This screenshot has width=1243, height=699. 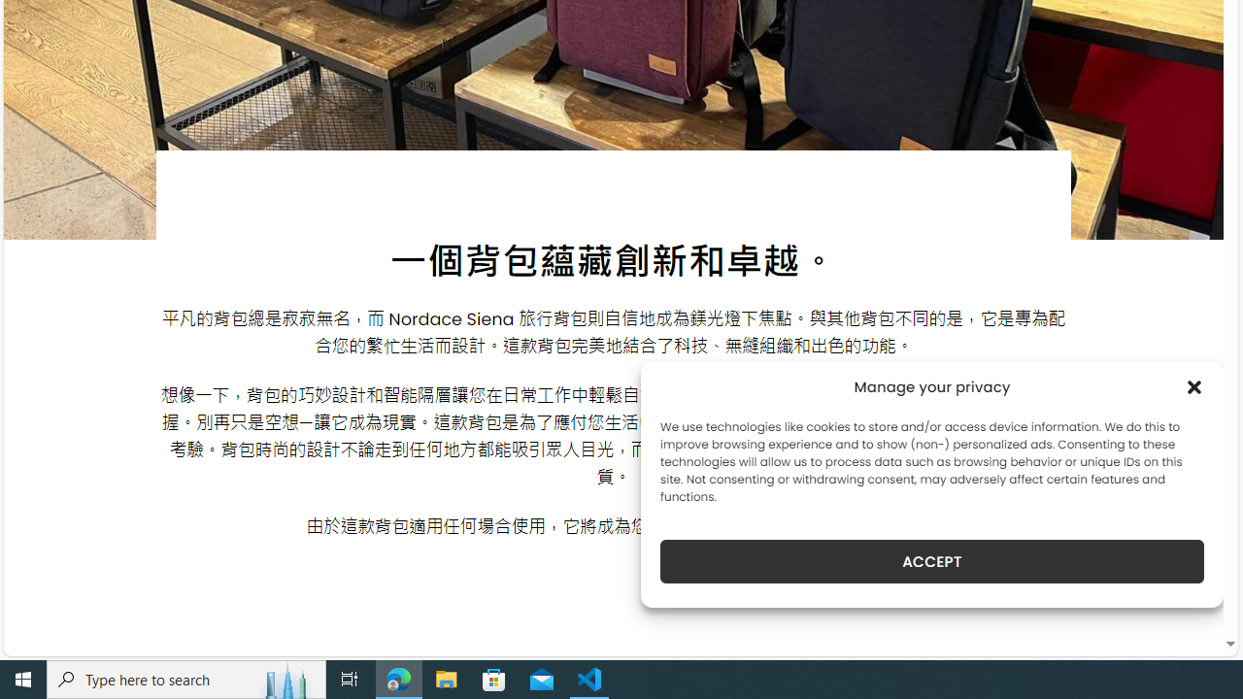 What do you see at coordinates (186, 678) in the screenshot?
I see `'Type here to search'` at bounding box center [186, 678].